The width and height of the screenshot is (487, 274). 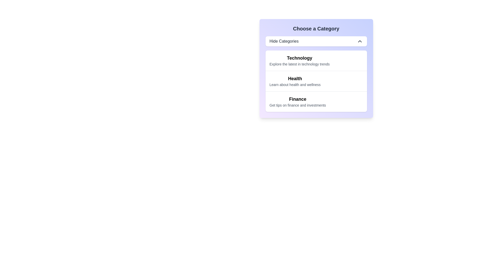 What do you see at coordinates (359, 41) in the screenshot?
I see `the chevron-up icon located on the rightmost side of the 'Hide Categories' header bar` at bounding box center [359, 41].